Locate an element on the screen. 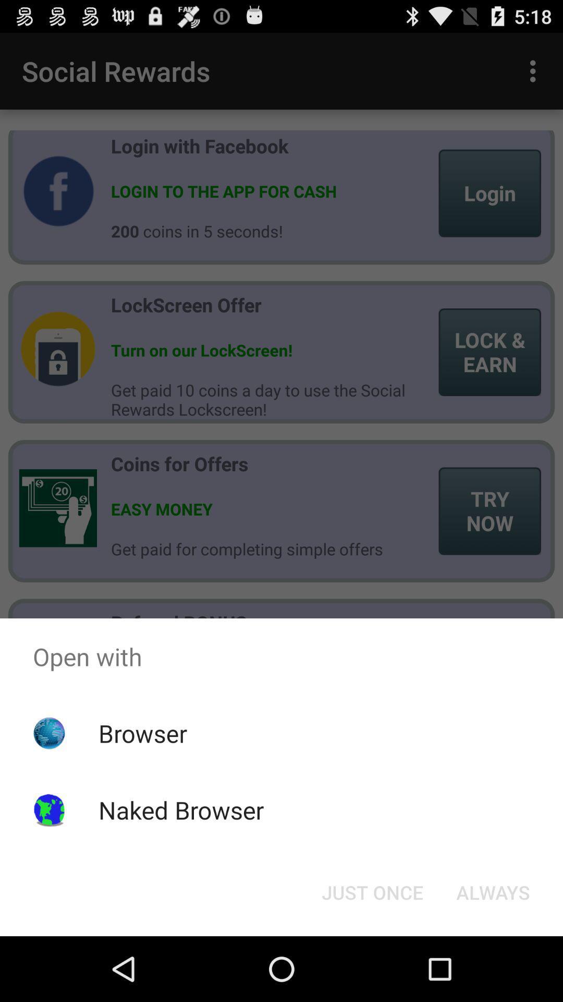 Image resolution: width=563 pixels, height=1002 pixels. icon next to the just once is located at coordinates (493, 891).